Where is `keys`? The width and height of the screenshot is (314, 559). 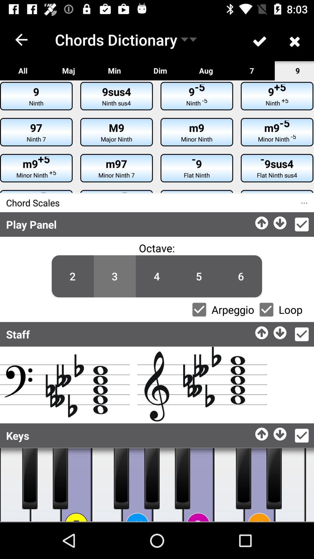 keys is located at coordinates (15, 485).